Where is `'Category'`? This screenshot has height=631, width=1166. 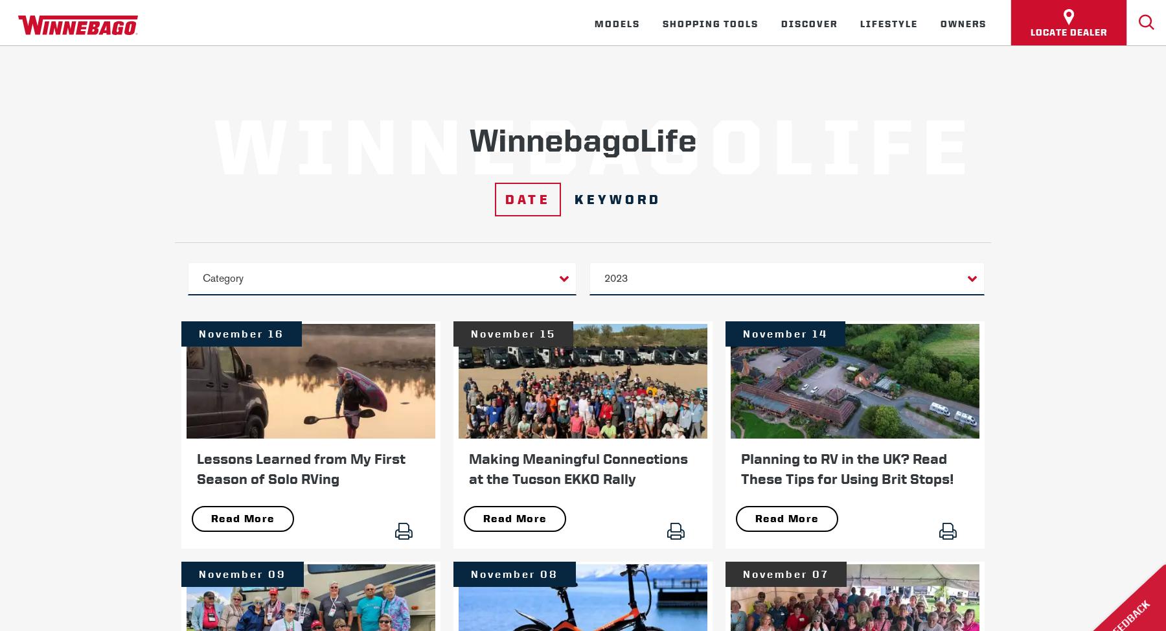 'Category' is located at coordinates (223, 277).